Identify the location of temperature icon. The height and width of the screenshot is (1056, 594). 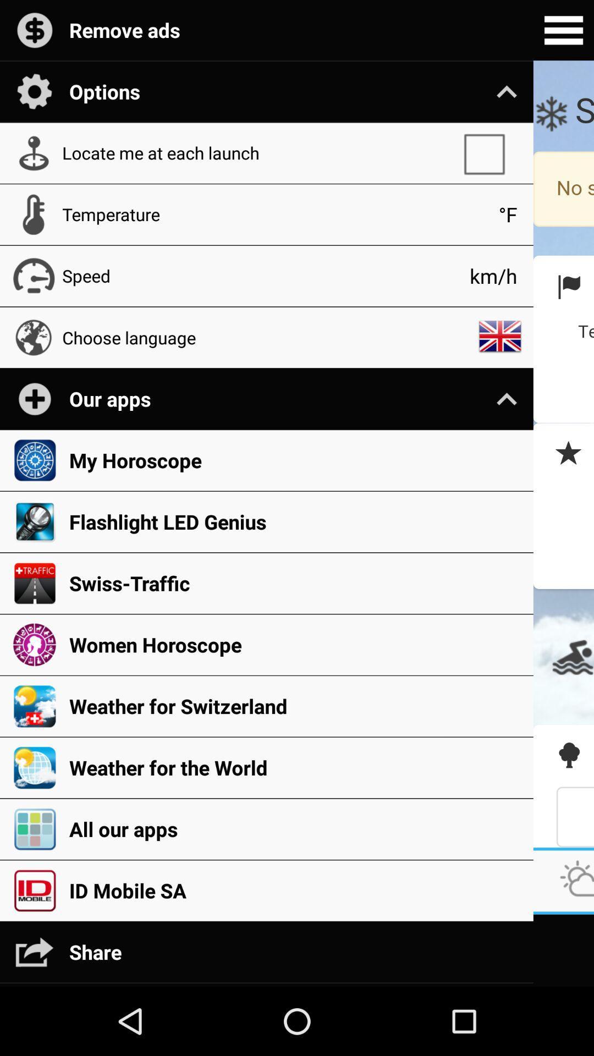
(274, 214).